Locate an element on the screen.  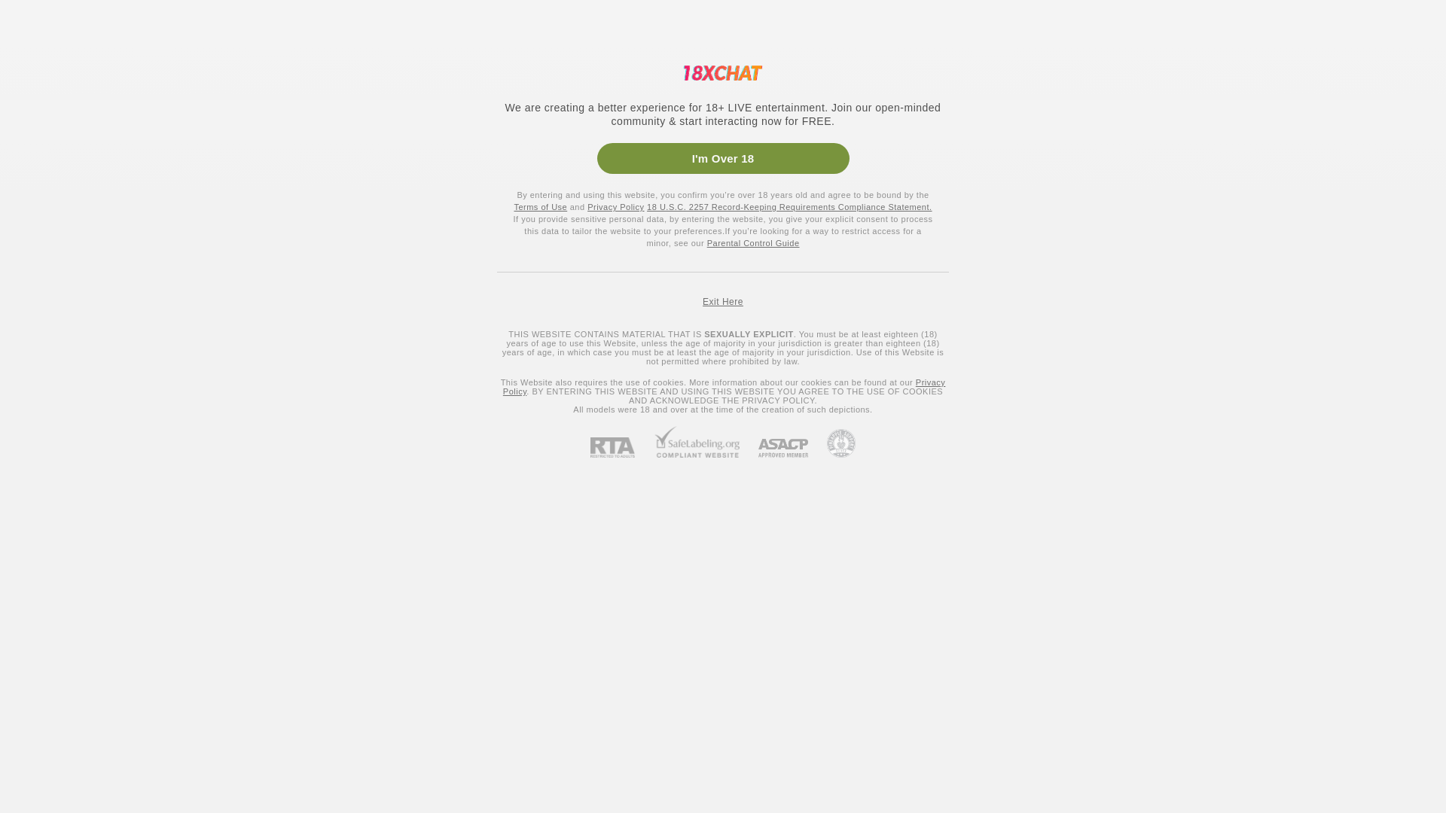
'Parental Control Guide' is located at coordinates (706, 242).